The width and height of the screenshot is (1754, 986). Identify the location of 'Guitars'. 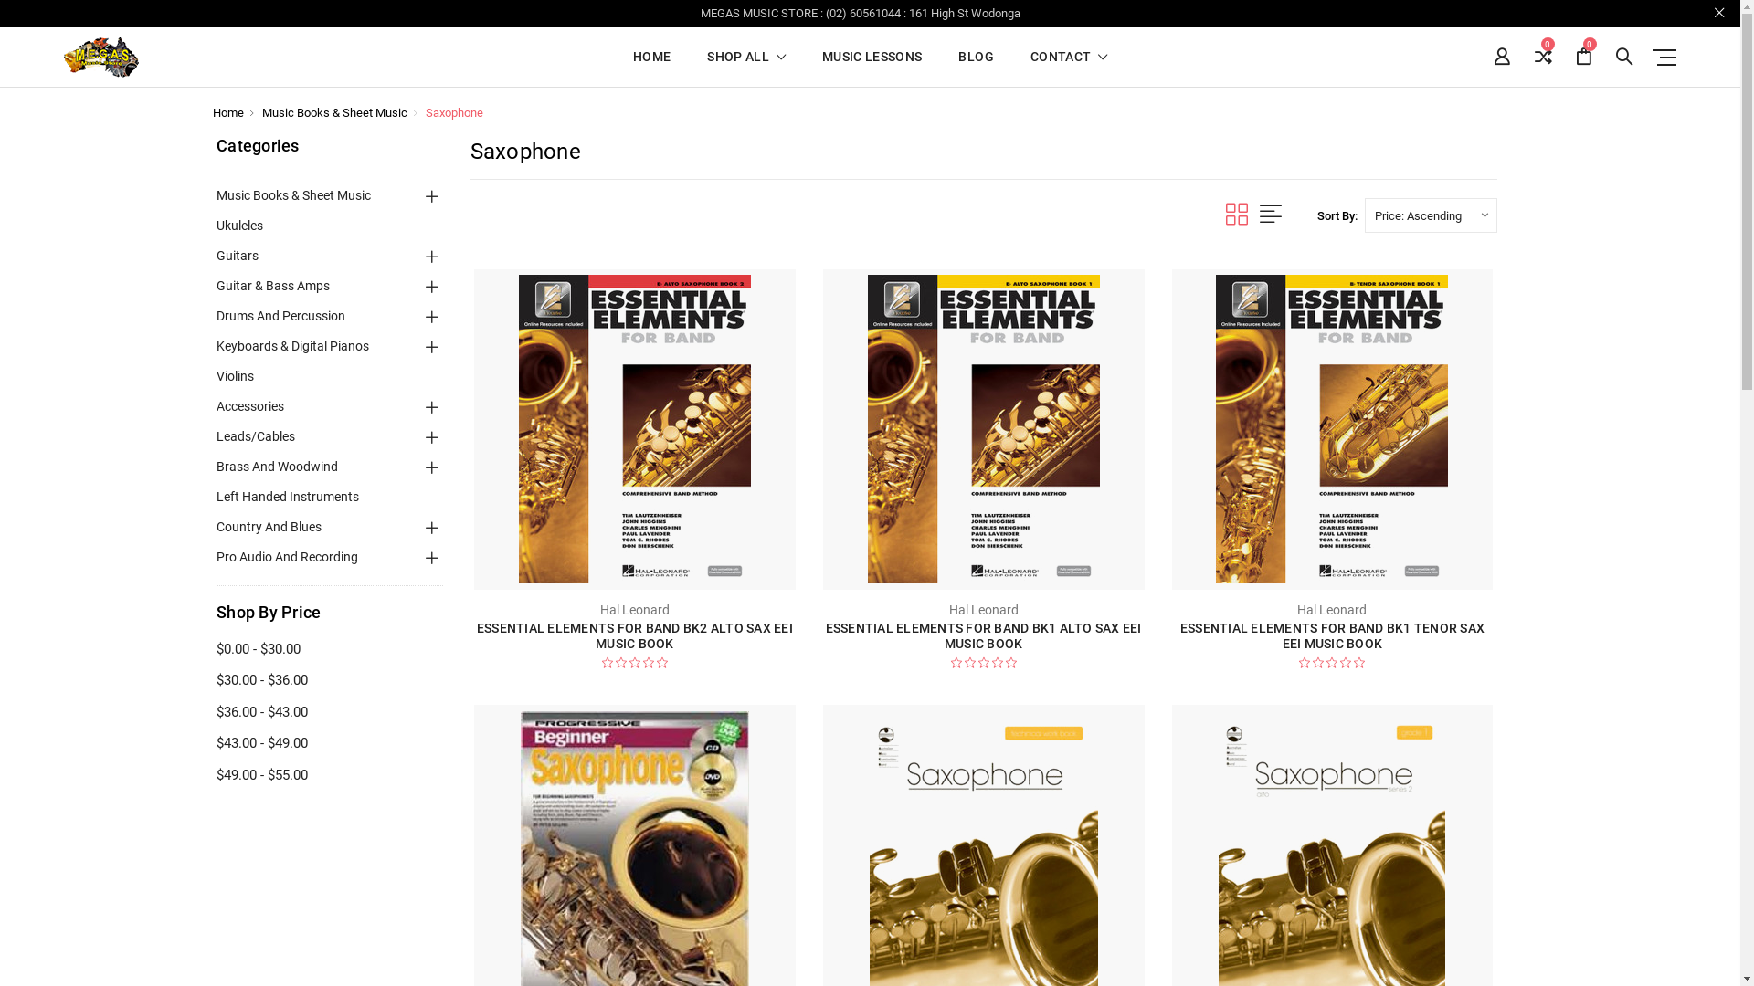
(236, 256).